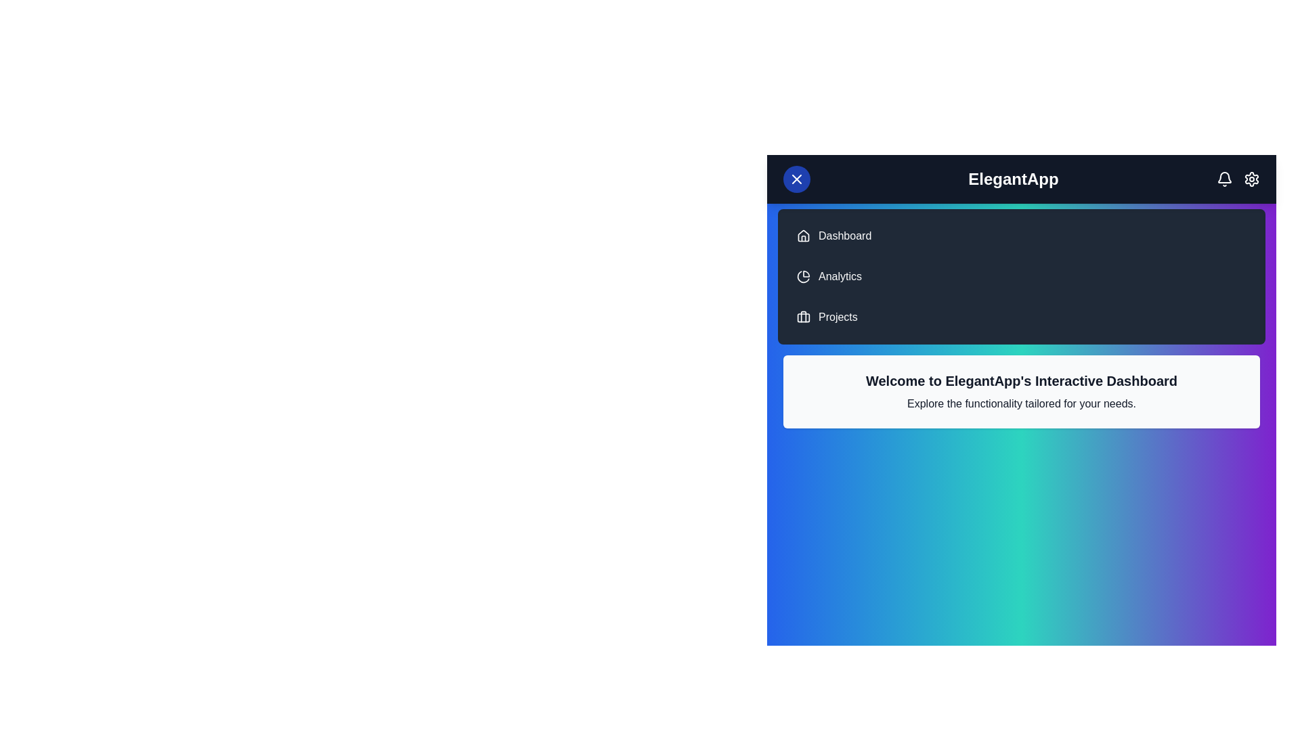  Describe the element at coordinates (1225, 179) in the screenshot. I see `the Bell icon to access notifications` at that location.